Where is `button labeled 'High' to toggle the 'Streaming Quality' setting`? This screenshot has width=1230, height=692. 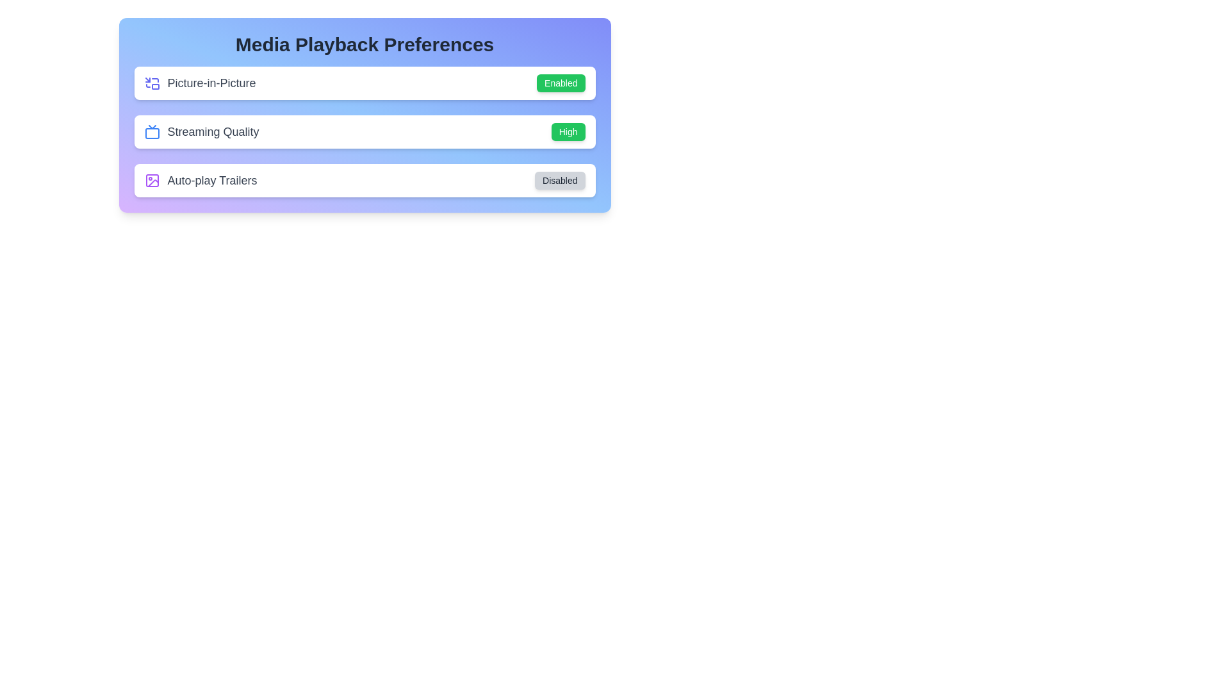
button labeled 'High' to toggle the 'Streaming Quality' setting is located at coordinates (568, 131).